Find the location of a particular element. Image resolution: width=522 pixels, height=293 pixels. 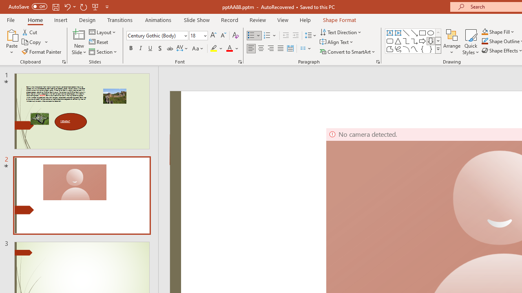

'Font Color Red' is located at coordinates (229, 48).